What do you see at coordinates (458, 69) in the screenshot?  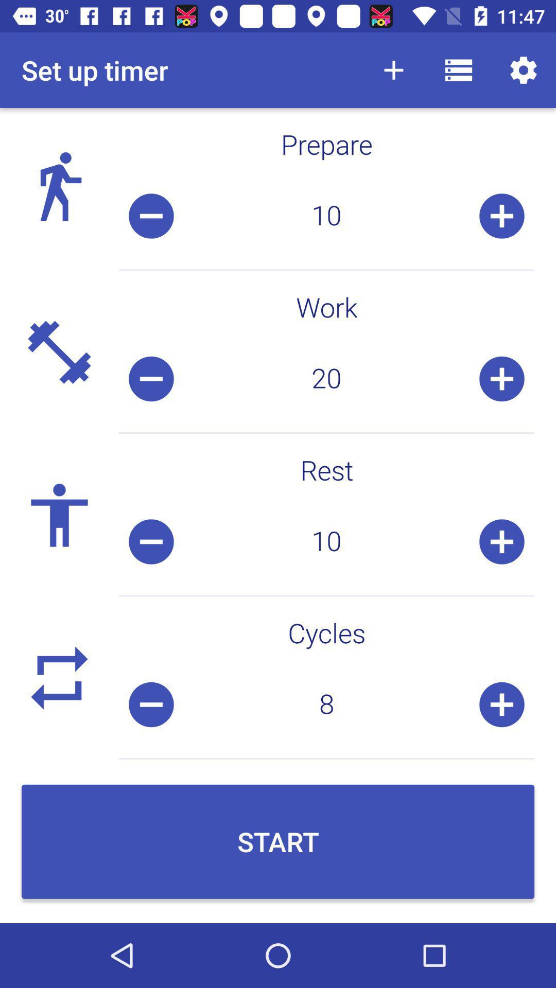 I see `item above the prepare item` at bounding box center [458, 69].